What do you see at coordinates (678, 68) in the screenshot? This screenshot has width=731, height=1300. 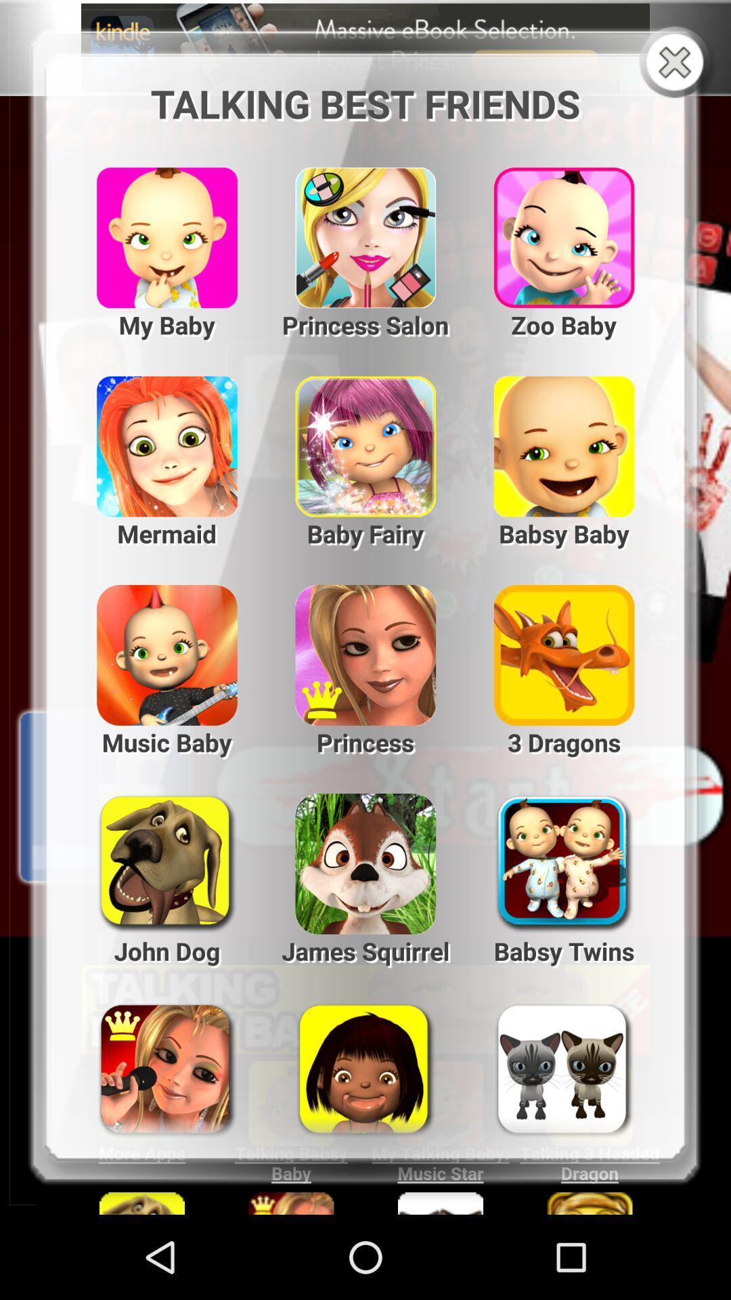 I see `the close icon` at bounding box center [678, 68].